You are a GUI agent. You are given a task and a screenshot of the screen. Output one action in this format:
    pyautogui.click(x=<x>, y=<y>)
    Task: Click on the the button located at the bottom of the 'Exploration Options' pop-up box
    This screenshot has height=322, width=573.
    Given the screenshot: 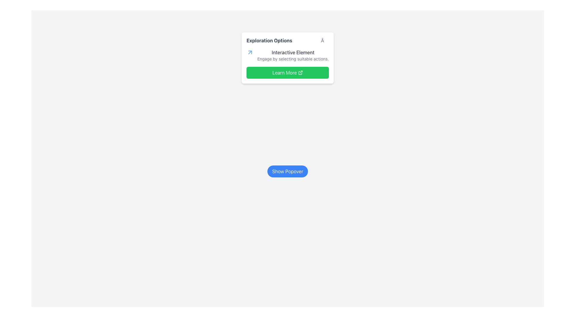 What is the action you would take?
    pyautogui.click(x=288, y=72)
    